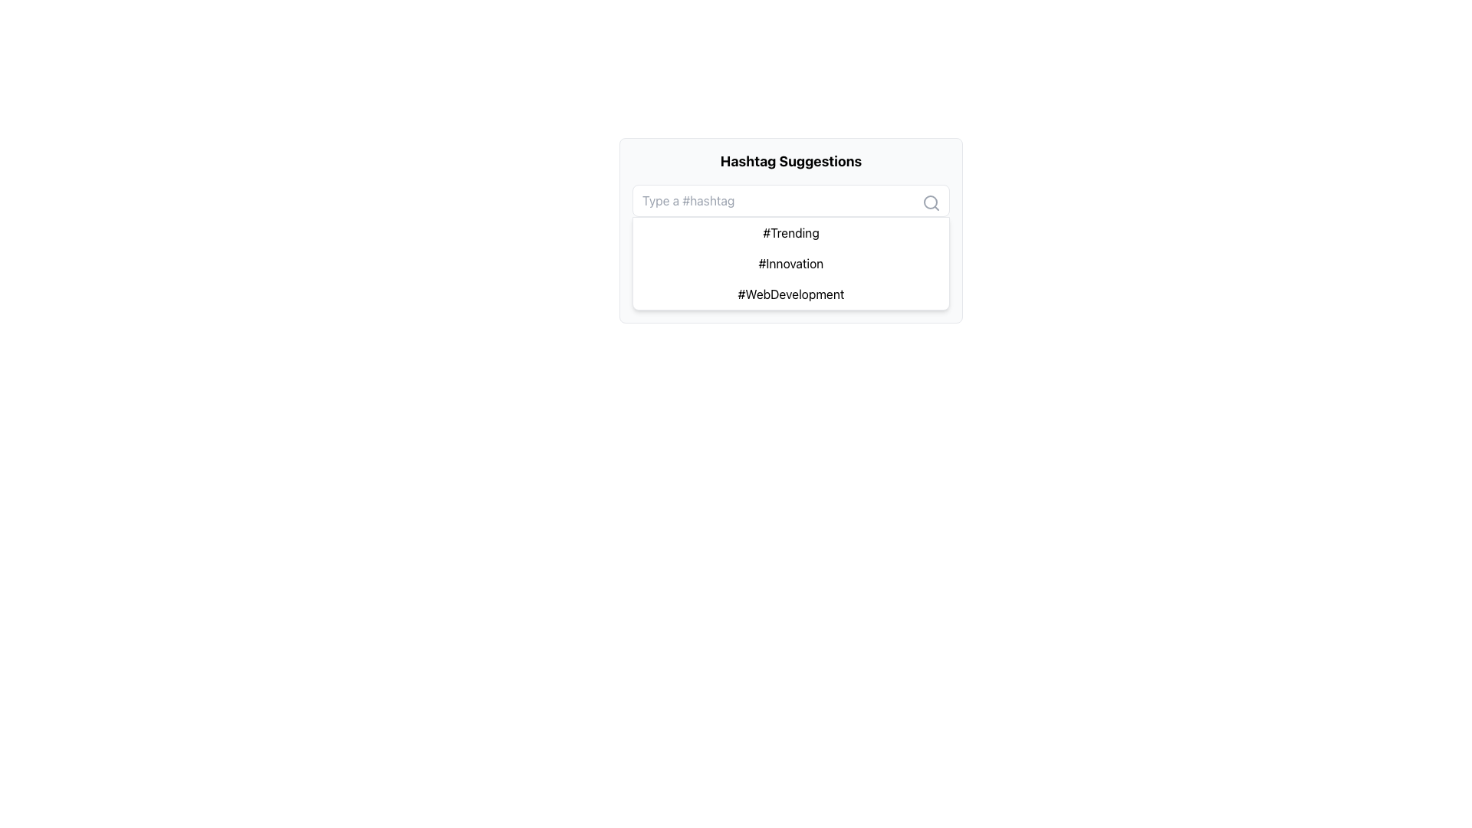  What do you see at coordinates (791, 247) in the screenshot?
I see `the hashtag entry in the suggestion list that appears below the 'Type a #hashtag' input field, specifically the '#Trending' option` at bounding box center [791, 247].